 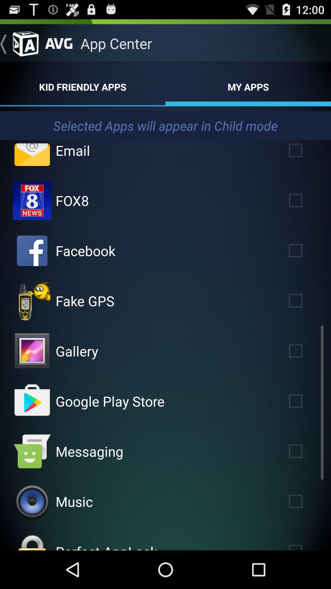 What do you see at coordinates (304, 451) in the screenshot?
I see `for messaging` at bounding box center [304, 451].